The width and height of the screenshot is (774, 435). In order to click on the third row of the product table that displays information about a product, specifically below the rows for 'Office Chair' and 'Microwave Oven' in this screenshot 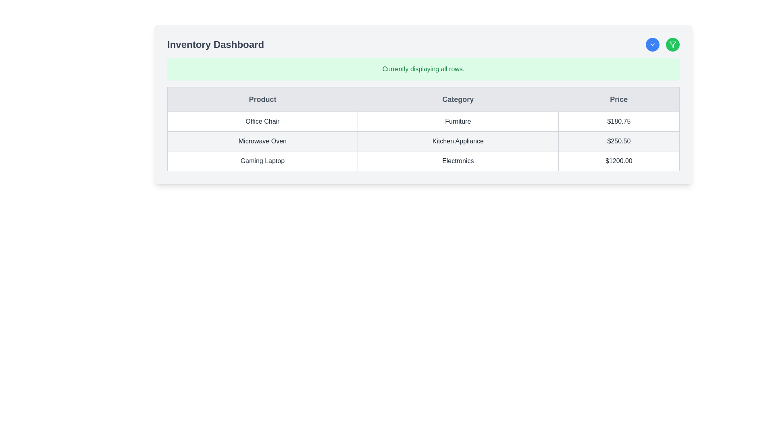, I will do `click(423, 161)`.